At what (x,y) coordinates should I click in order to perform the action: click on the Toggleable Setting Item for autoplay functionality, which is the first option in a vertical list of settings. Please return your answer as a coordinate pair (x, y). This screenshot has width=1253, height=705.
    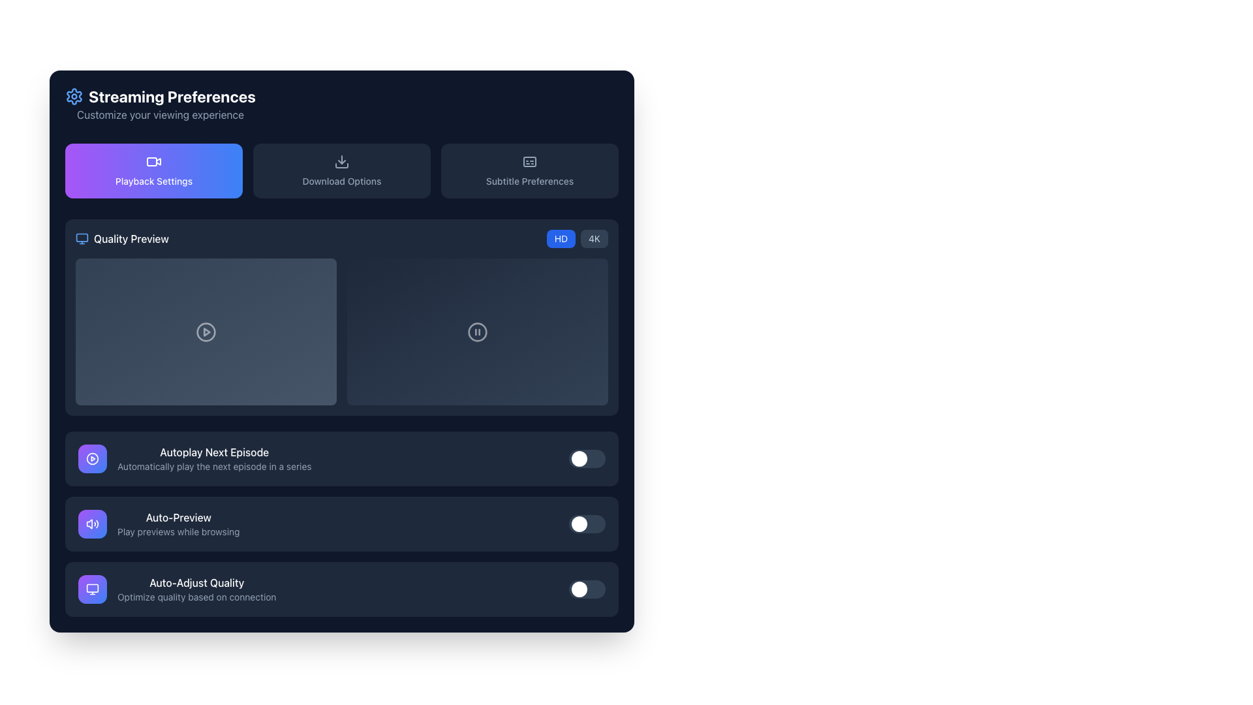
    Looking at the image, I should click on (341, 458).